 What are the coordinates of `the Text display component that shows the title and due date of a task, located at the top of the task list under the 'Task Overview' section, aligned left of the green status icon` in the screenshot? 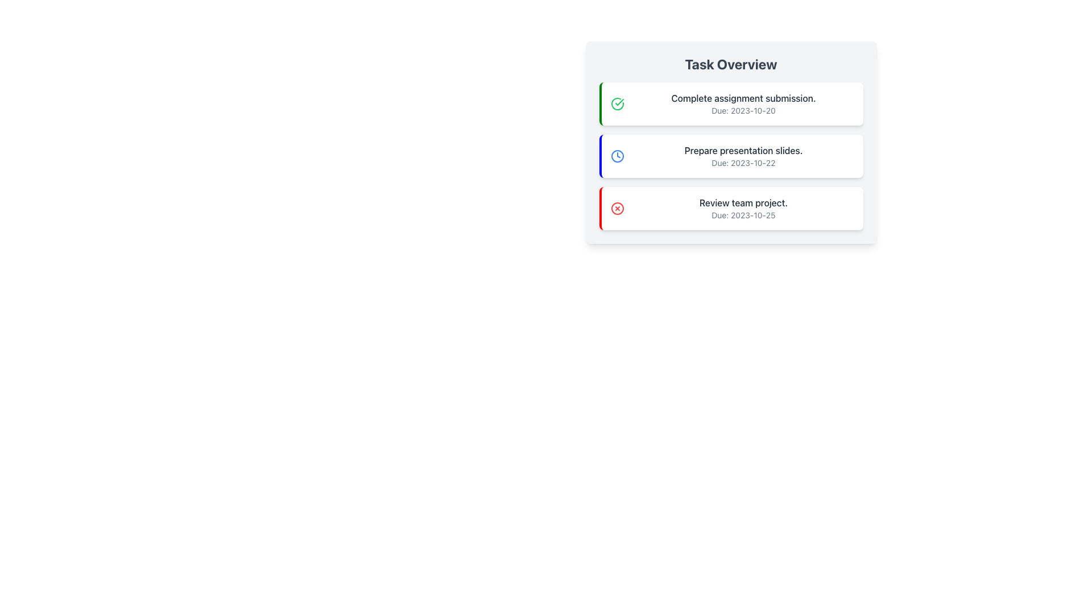 It's located at (743, 103).